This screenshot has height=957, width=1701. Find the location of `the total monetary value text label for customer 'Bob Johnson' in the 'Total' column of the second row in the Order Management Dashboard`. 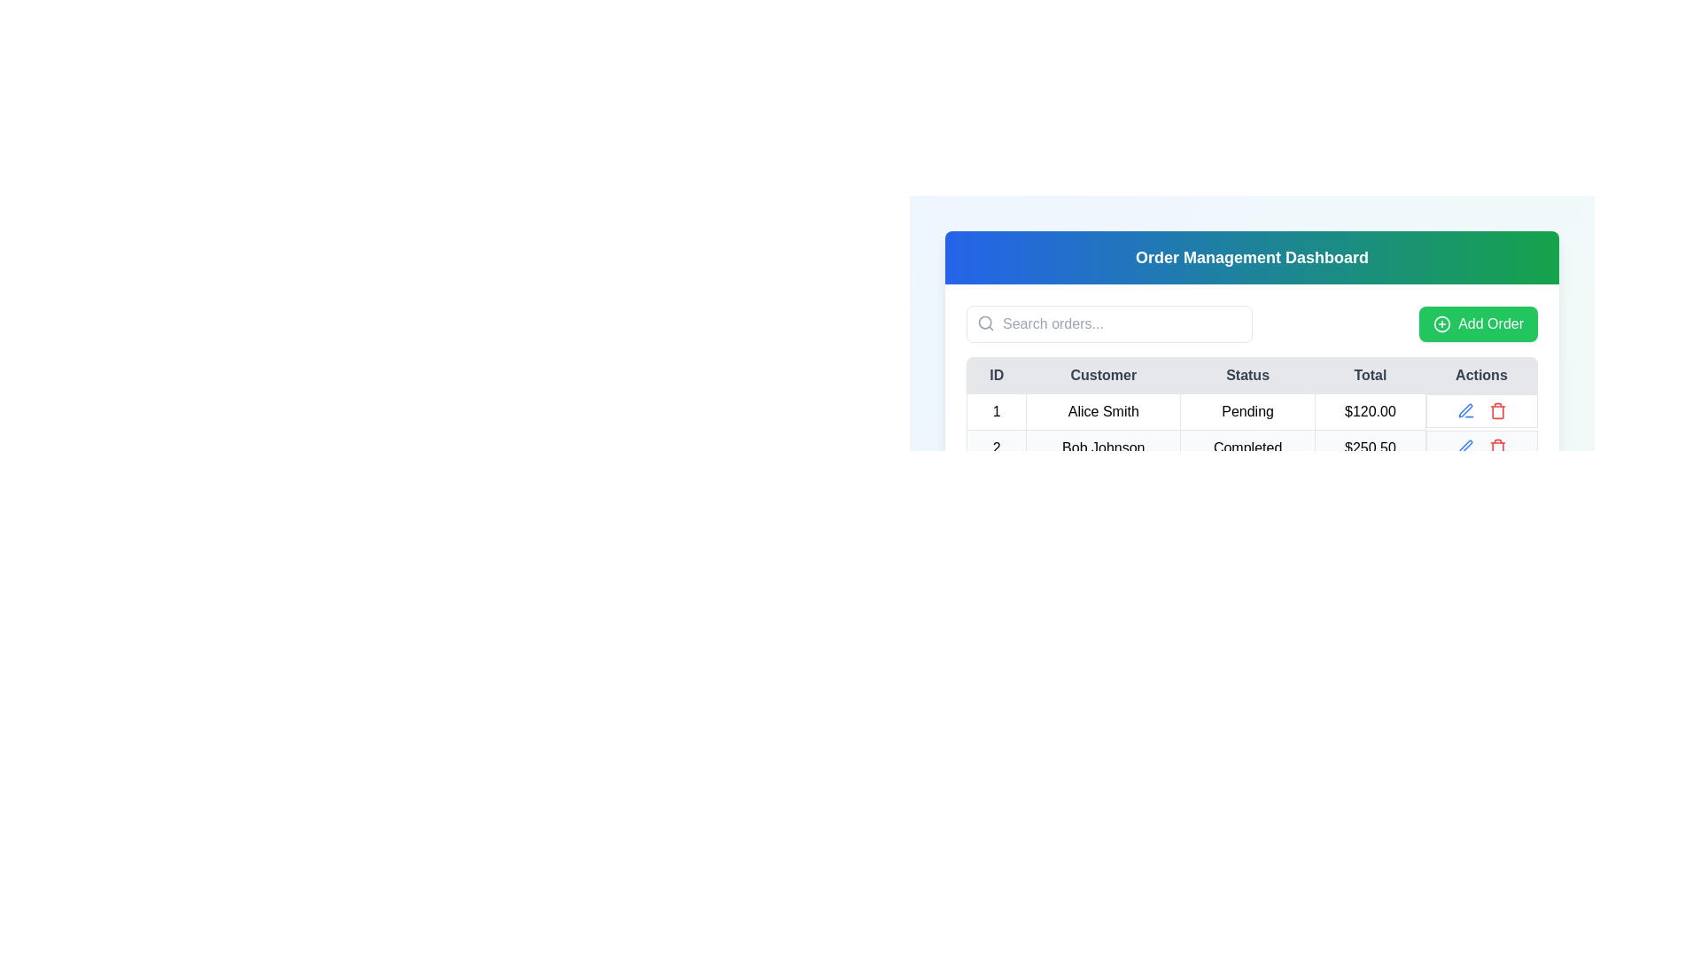

the total monetary value text label for customer 'Bob Johnson' in the 'Total' column of the second row in the Order Management Dashboard is located at coordinates (1369, 447).